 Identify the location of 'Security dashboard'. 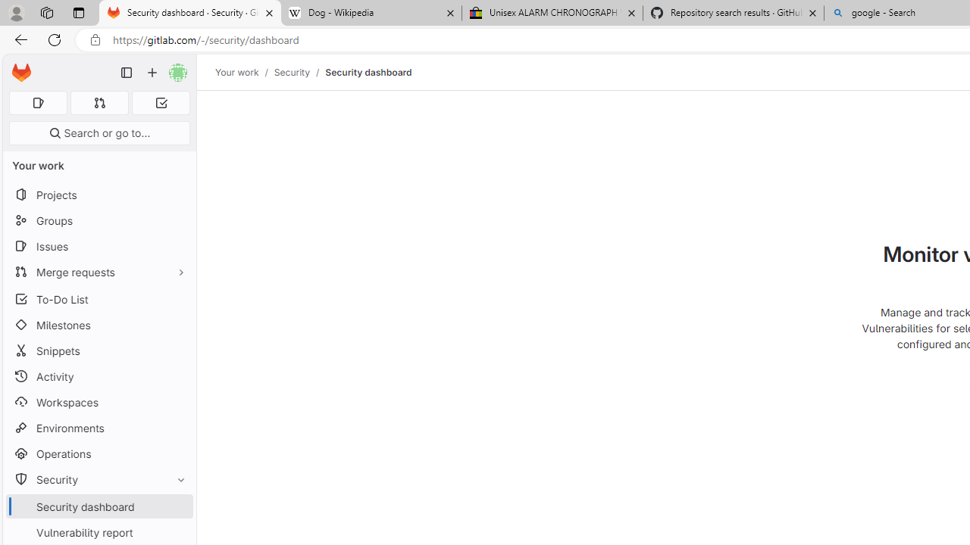
(368, 72).